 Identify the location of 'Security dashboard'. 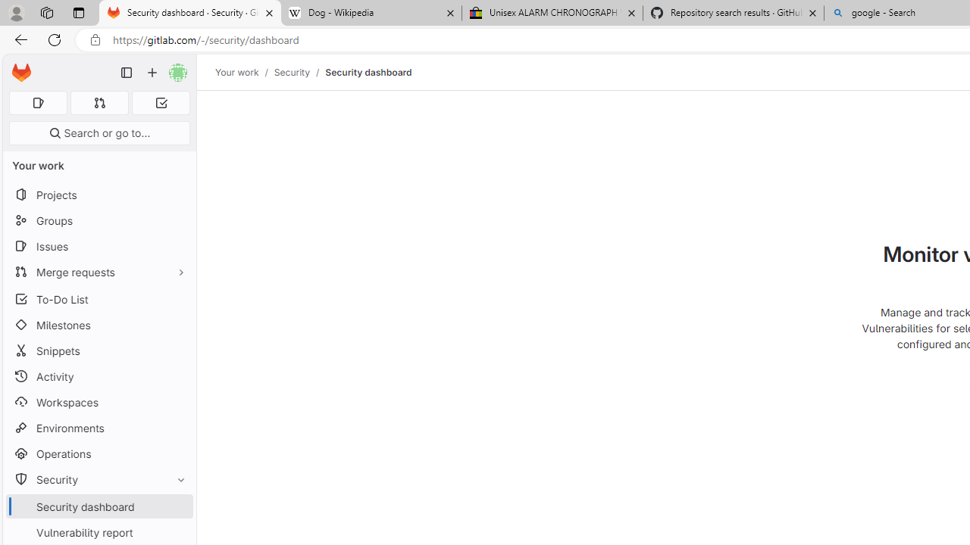
(368, 72).